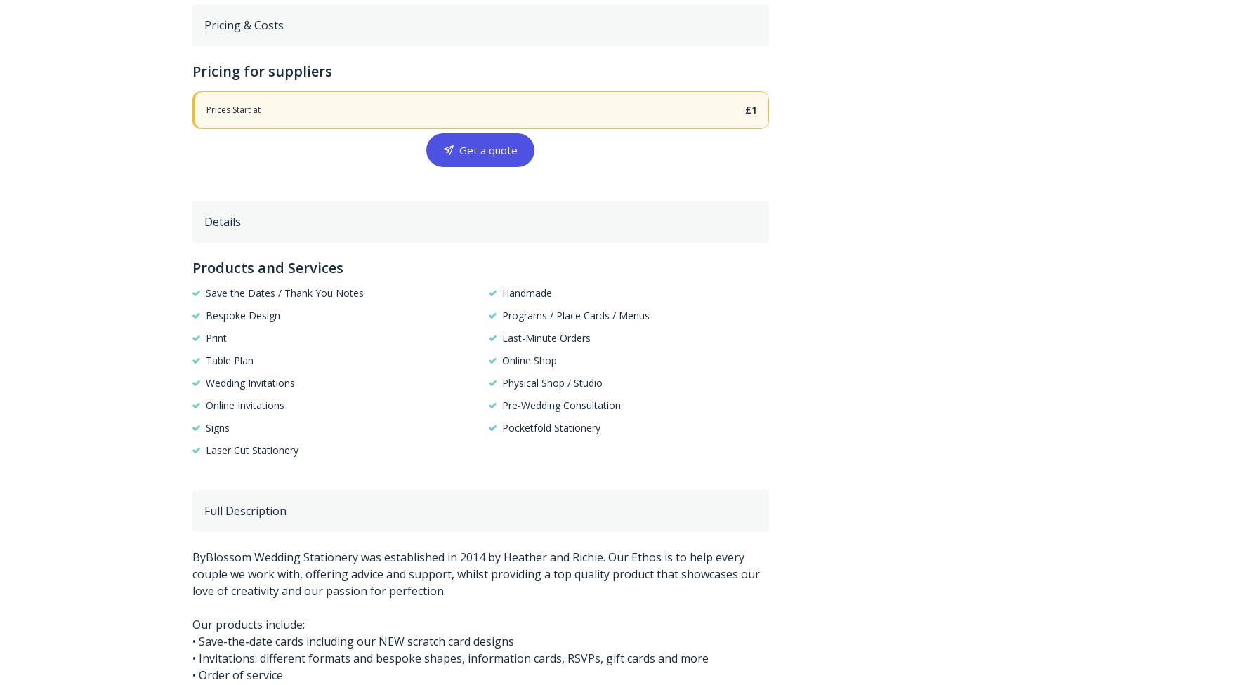  I want to click on 'Laser Cut Stationery', so click(250, 448).